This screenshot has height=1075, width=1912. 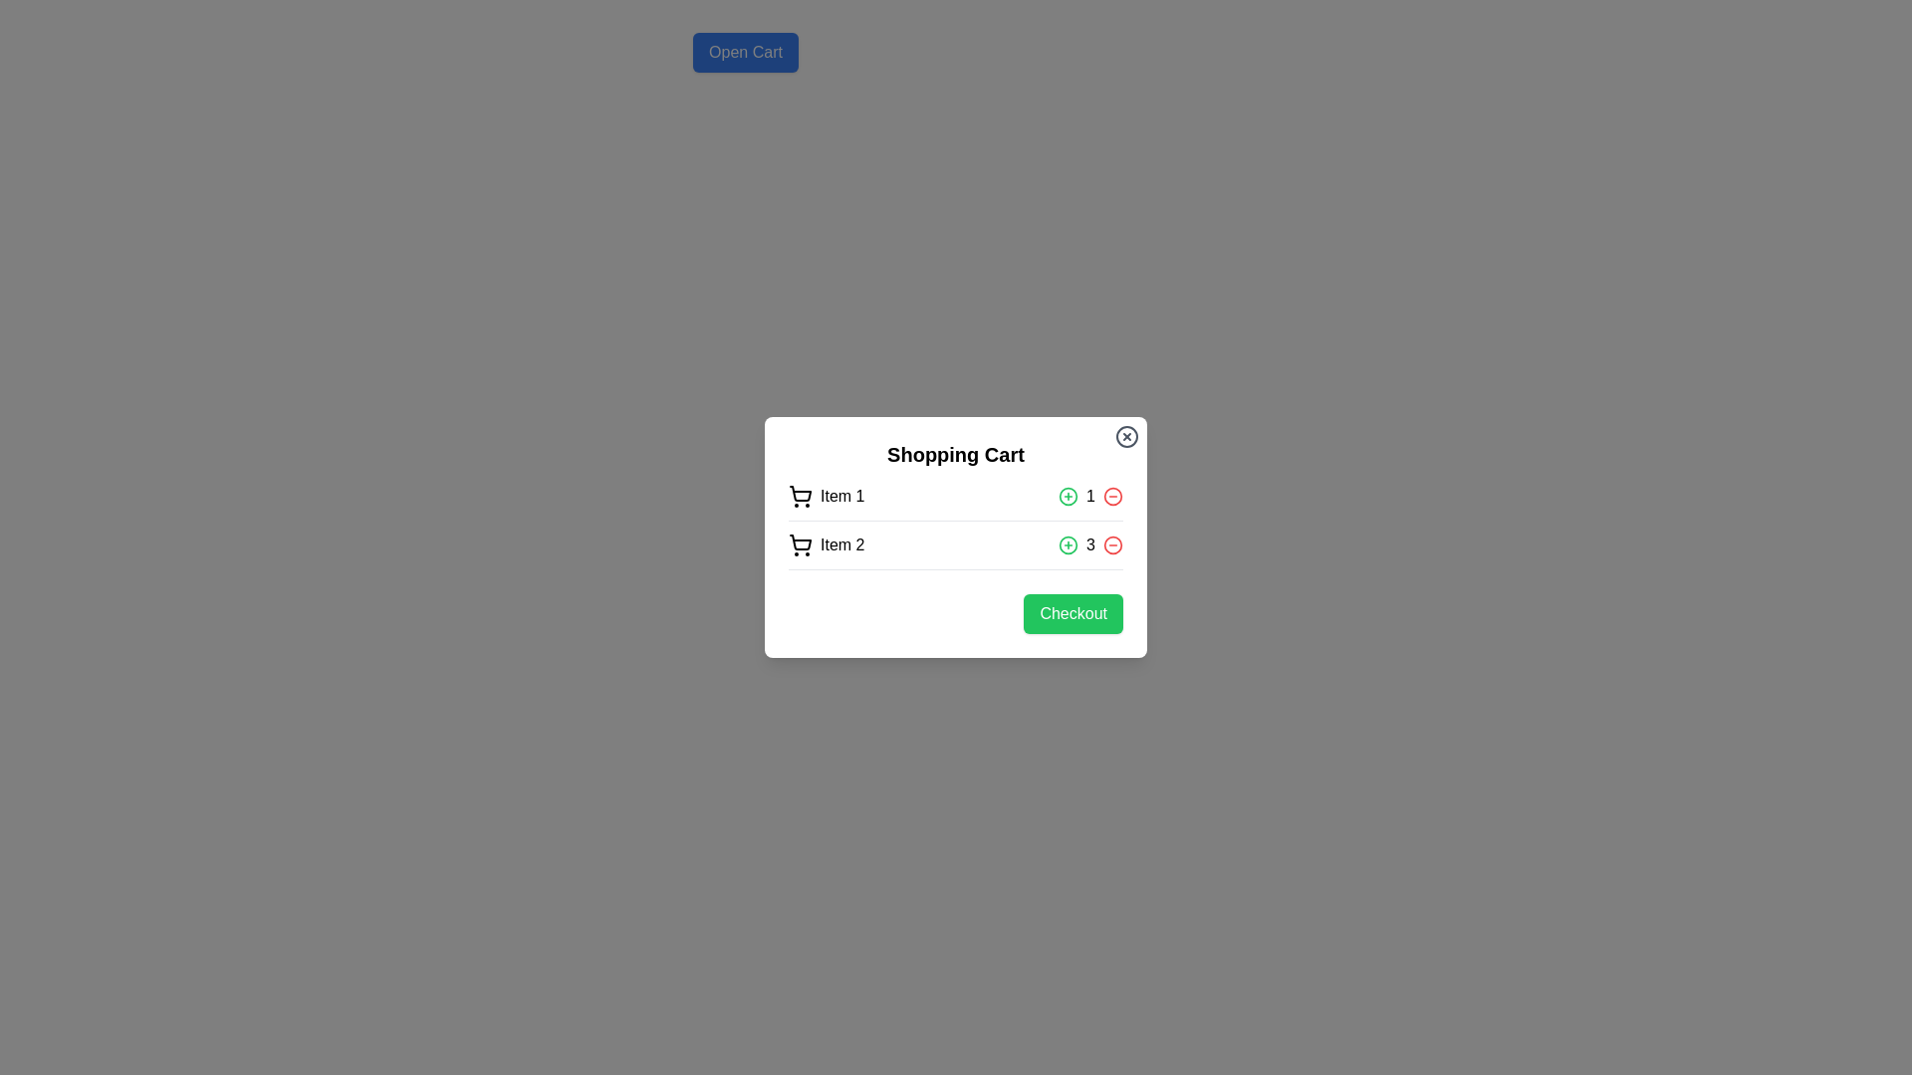 I want to click on the checkout button located at the bottom-right corner of the 'Shopping Cart' modal, so click(x=956, y=613).